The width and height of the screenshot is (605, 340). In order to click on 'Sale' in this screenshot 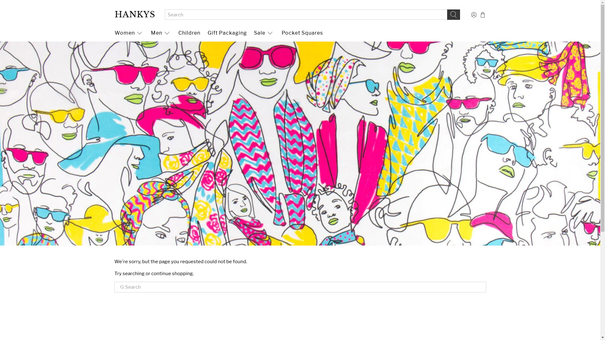, I will do `click(264, 33)`.